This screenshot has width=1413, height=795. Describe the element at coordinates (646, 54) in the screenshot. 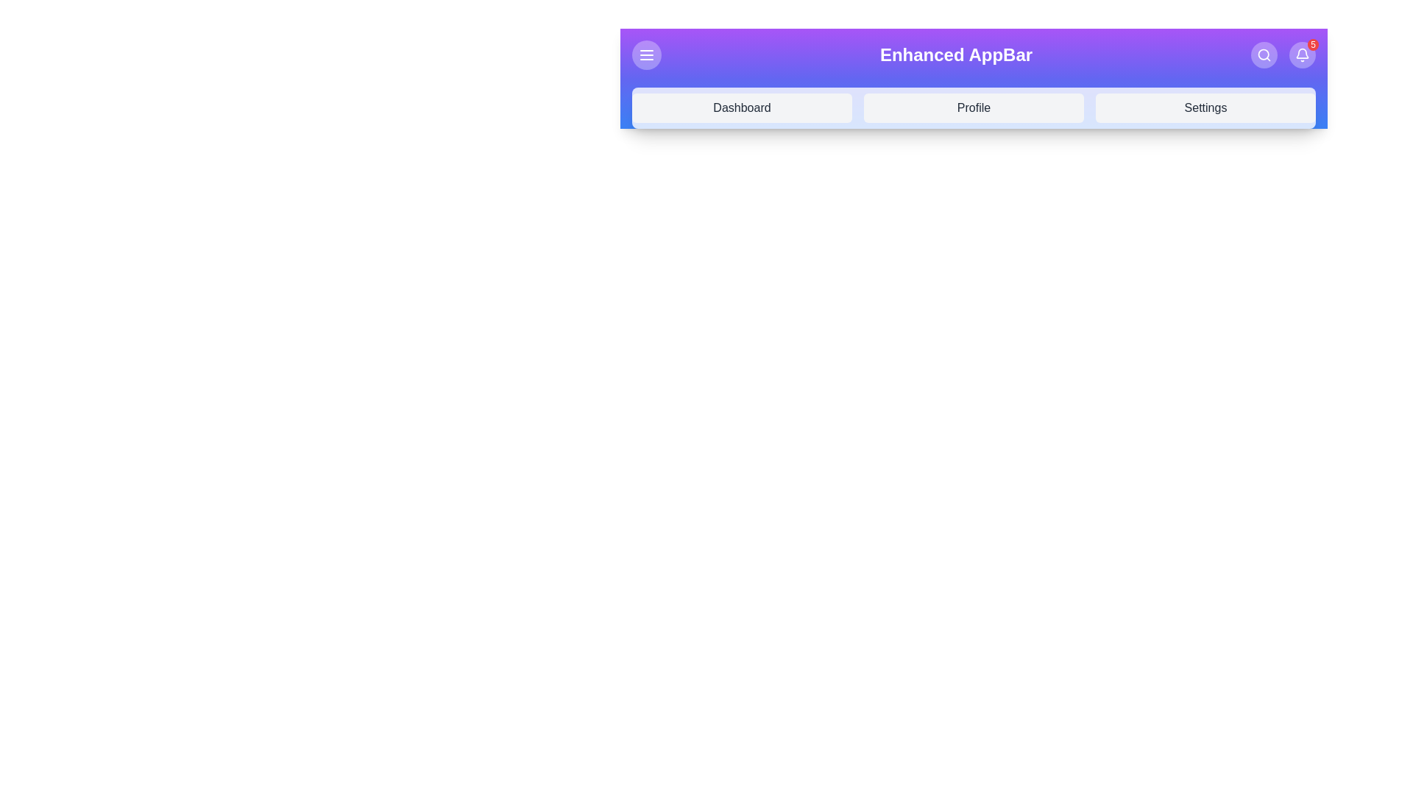

I see `the menu icon to toggle the dropdown menu` at that location.